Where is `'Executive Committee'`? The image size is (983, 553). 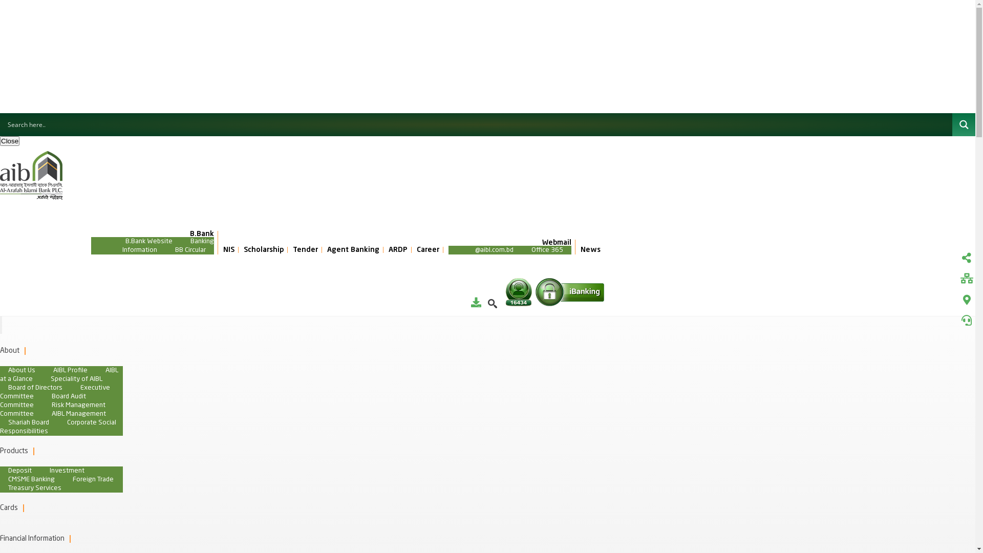
'Executive Committee' is located at coordinates (54, 392).